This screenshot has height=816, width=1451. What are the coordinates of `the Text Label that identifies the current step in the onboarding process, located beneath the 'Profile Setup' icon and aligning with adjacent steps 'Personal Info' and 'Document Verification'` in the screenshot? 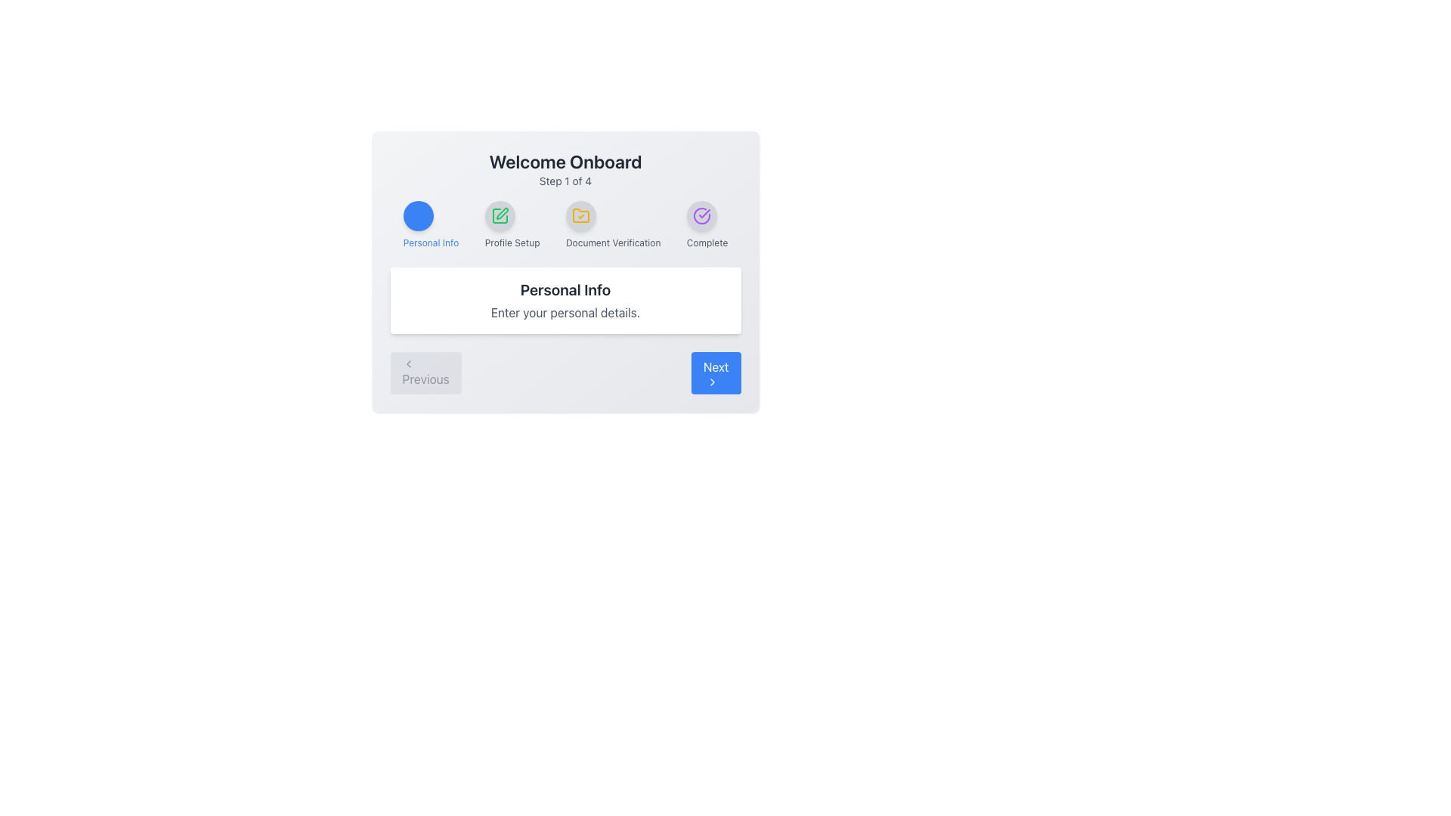 It's located at (512, 242).